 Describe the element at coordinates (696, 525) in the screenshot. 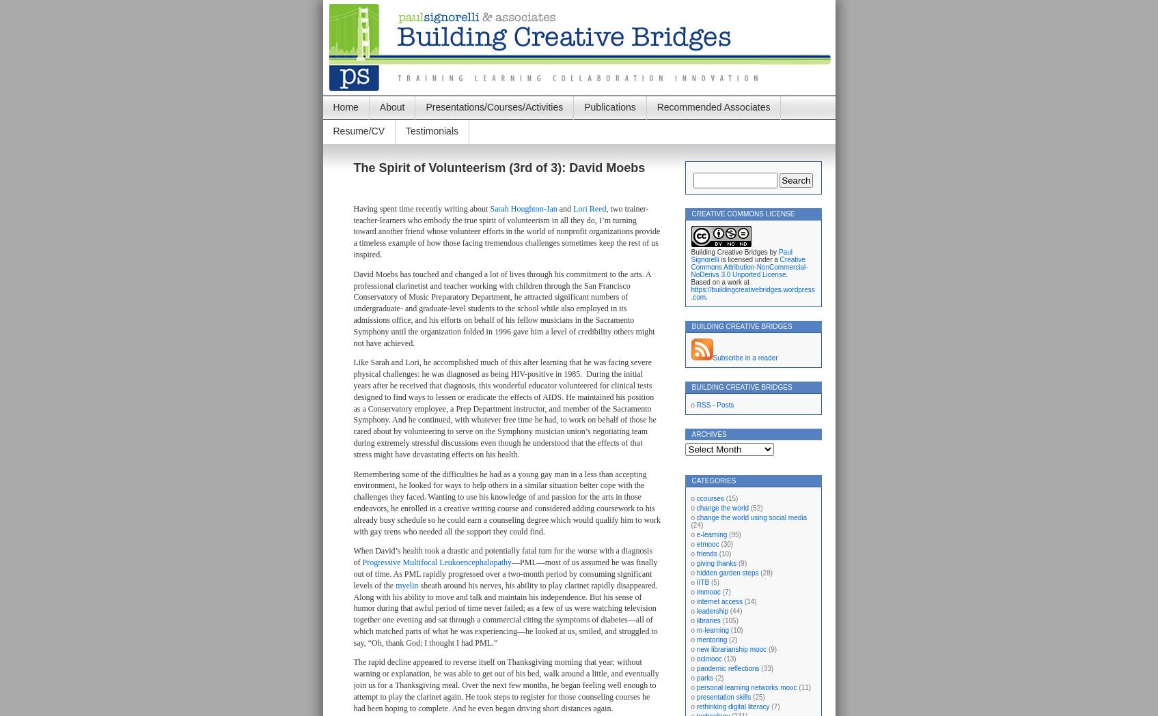

I see `'(24)'` at that location.